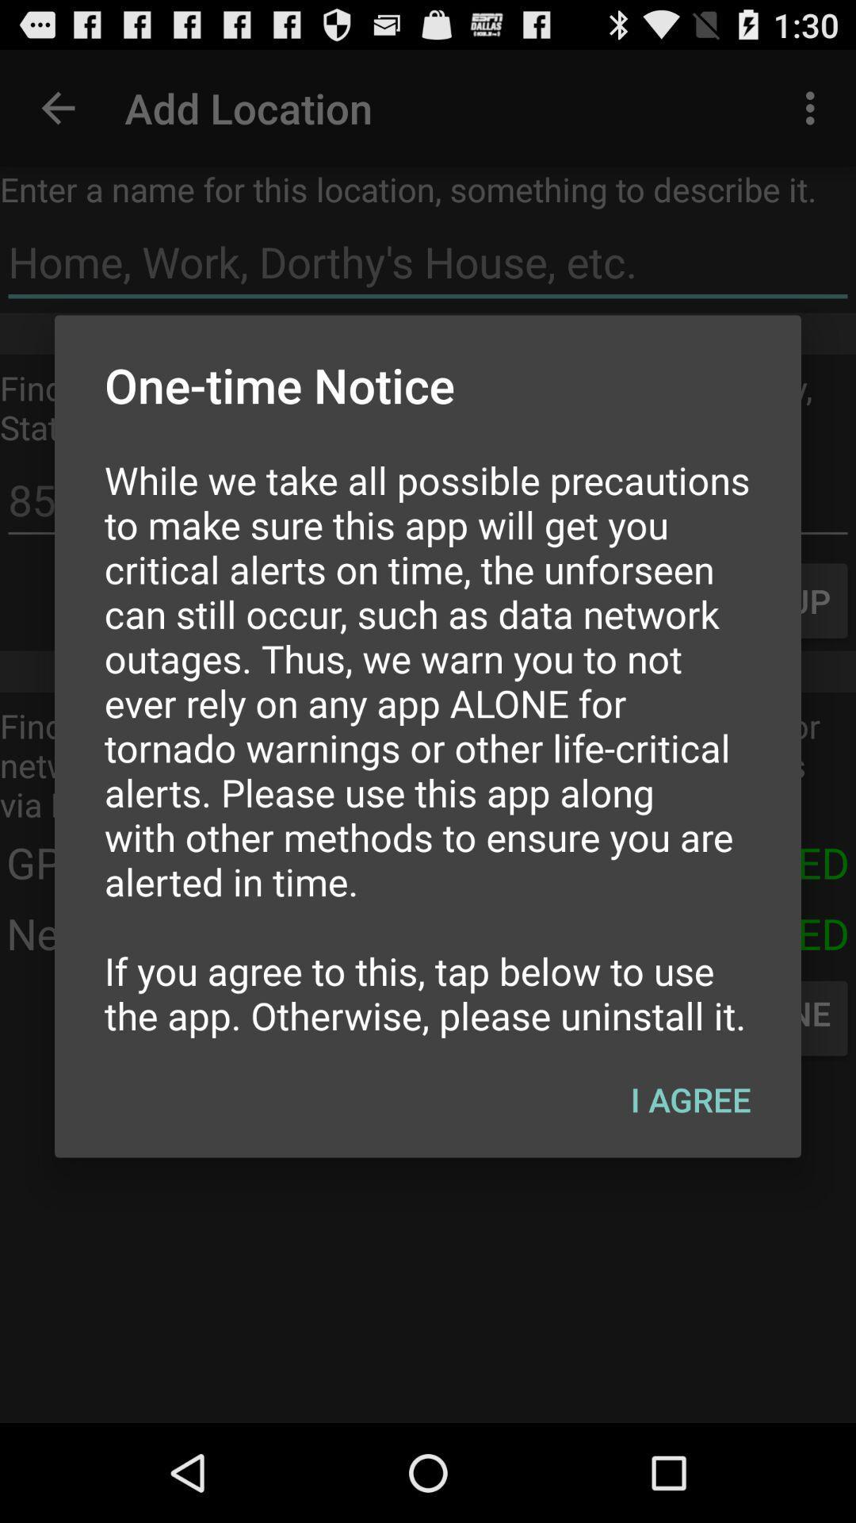 The image size is (856, 1523). I want to click on the i agree icon, so click(690, 1099).